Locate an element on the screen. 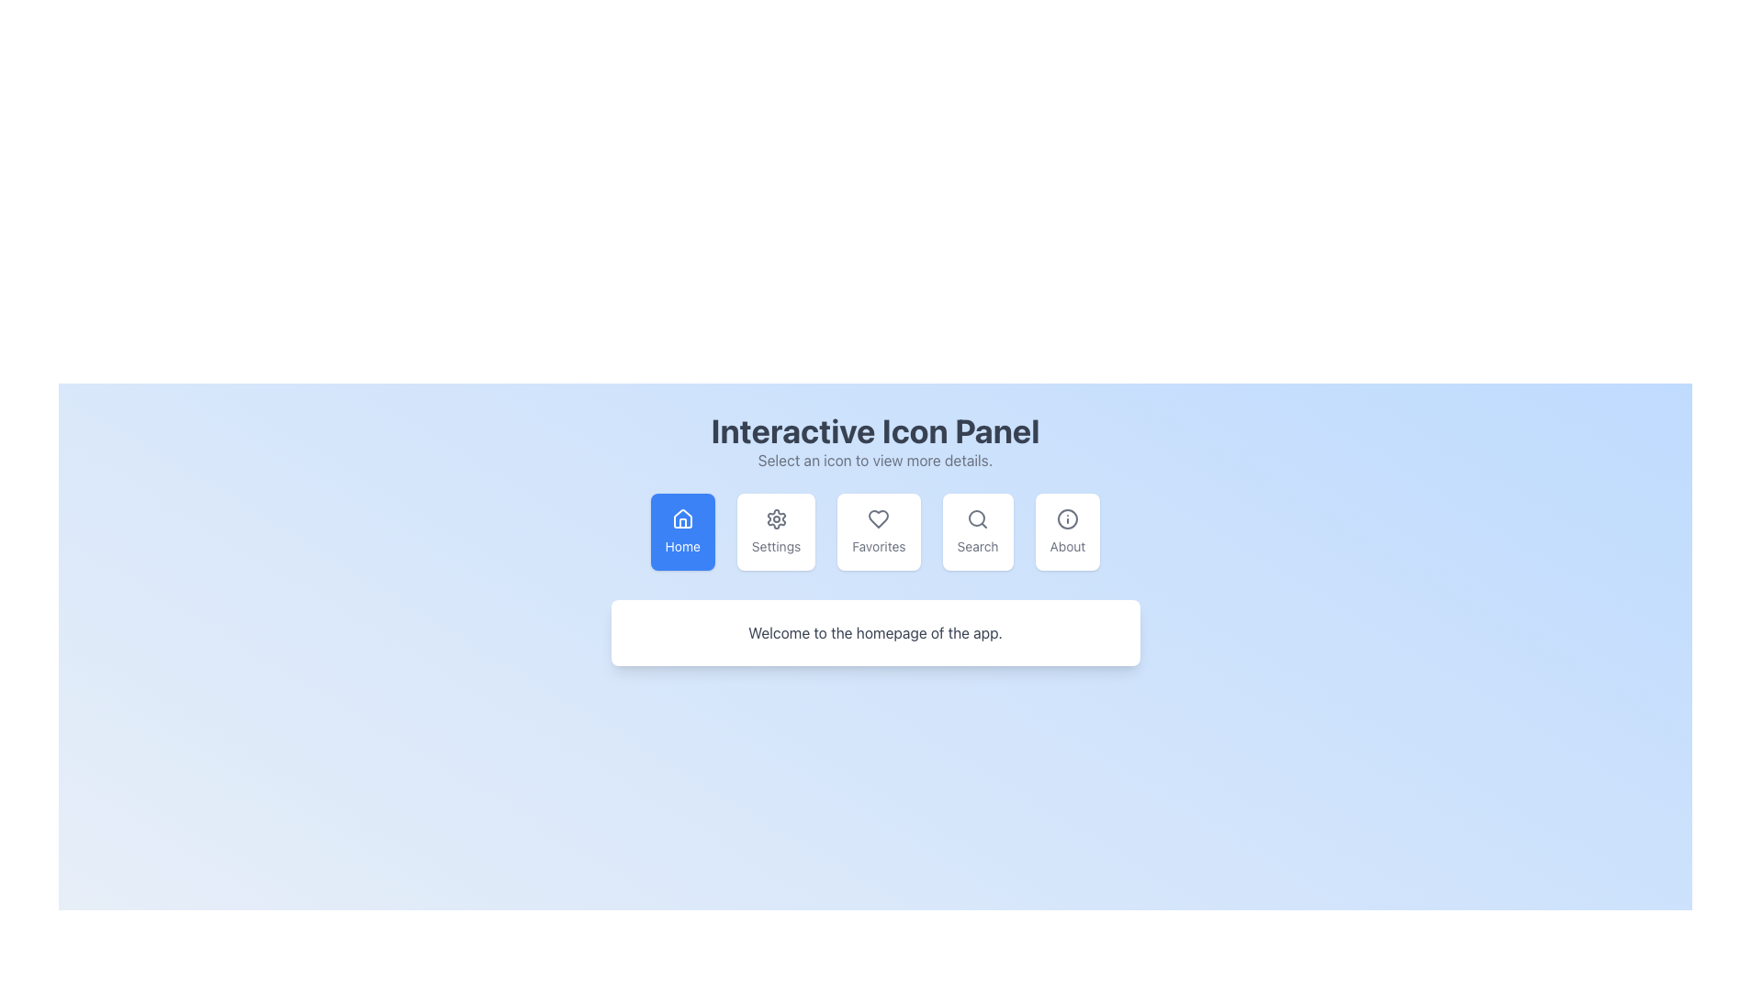  the text label that indicates the button's functionality related to application settings, which is located centrally below a gear icon in the second button from the left in the interactive panel of icons is located at coordinates (776, 546).